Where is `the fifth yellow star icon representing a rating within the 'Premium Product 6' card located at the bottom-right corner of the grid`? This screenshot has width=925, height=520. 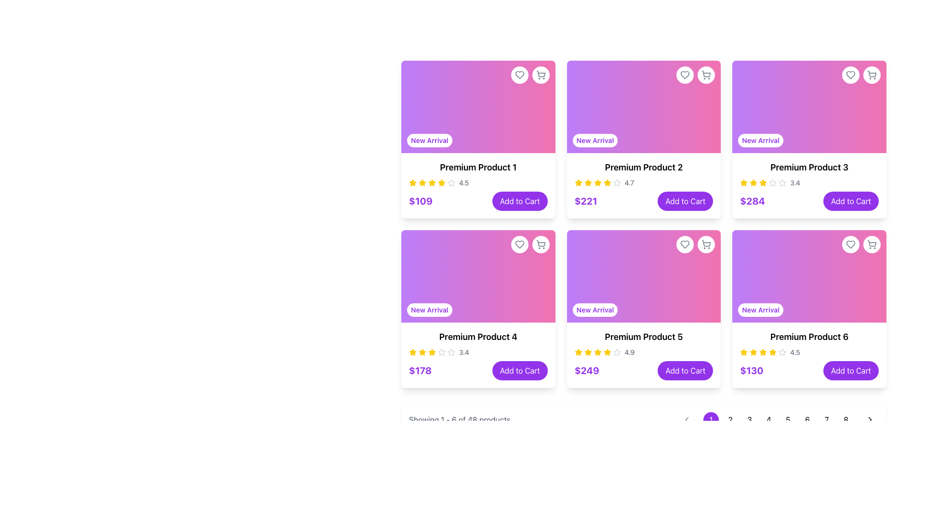
the fifth yellow star icon representing a rating within the 'Premium Product 6' card located at the bottom-right corner of the grid is located at coordinates (743, 352).